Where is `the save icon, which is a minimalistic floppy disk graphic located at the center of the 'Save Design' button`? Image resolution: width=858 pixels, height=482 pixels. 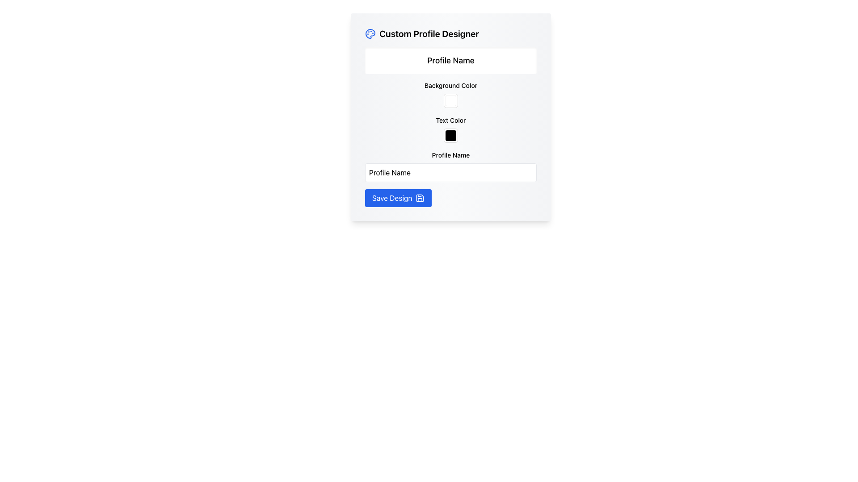
the save icon, which is a minimalistic floppy disk graphic located at the center of the 'Save Design' button is located at coordinates (420, 197).